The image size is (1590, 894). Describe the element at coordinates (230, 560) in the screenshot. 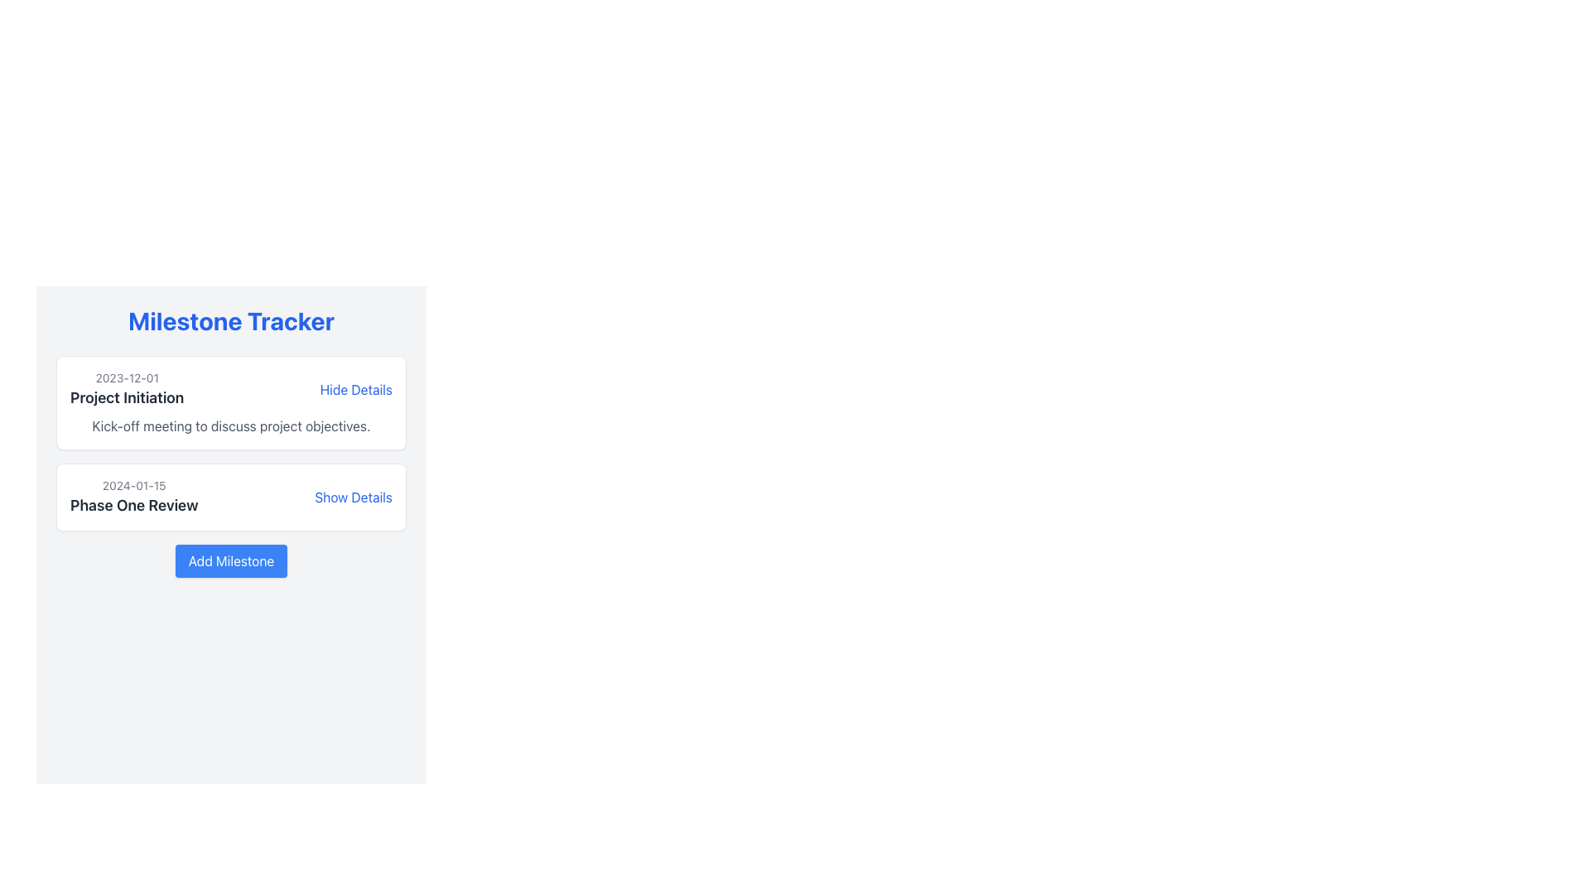

I see `the rectangular button with a blue background and white text reading 'Add Milestone'` at that location.